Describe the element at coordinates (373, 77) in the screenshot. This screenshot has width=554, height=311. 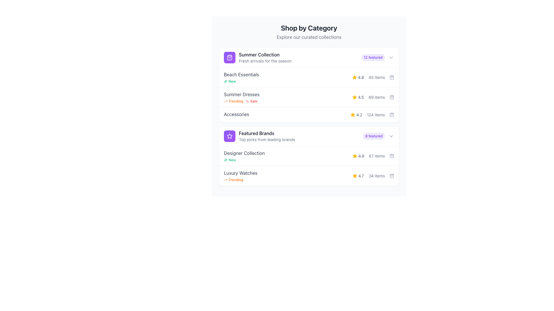
I see `the 'Beach Essentials' rating display, which is the fourth component from the left in its section` at that location.